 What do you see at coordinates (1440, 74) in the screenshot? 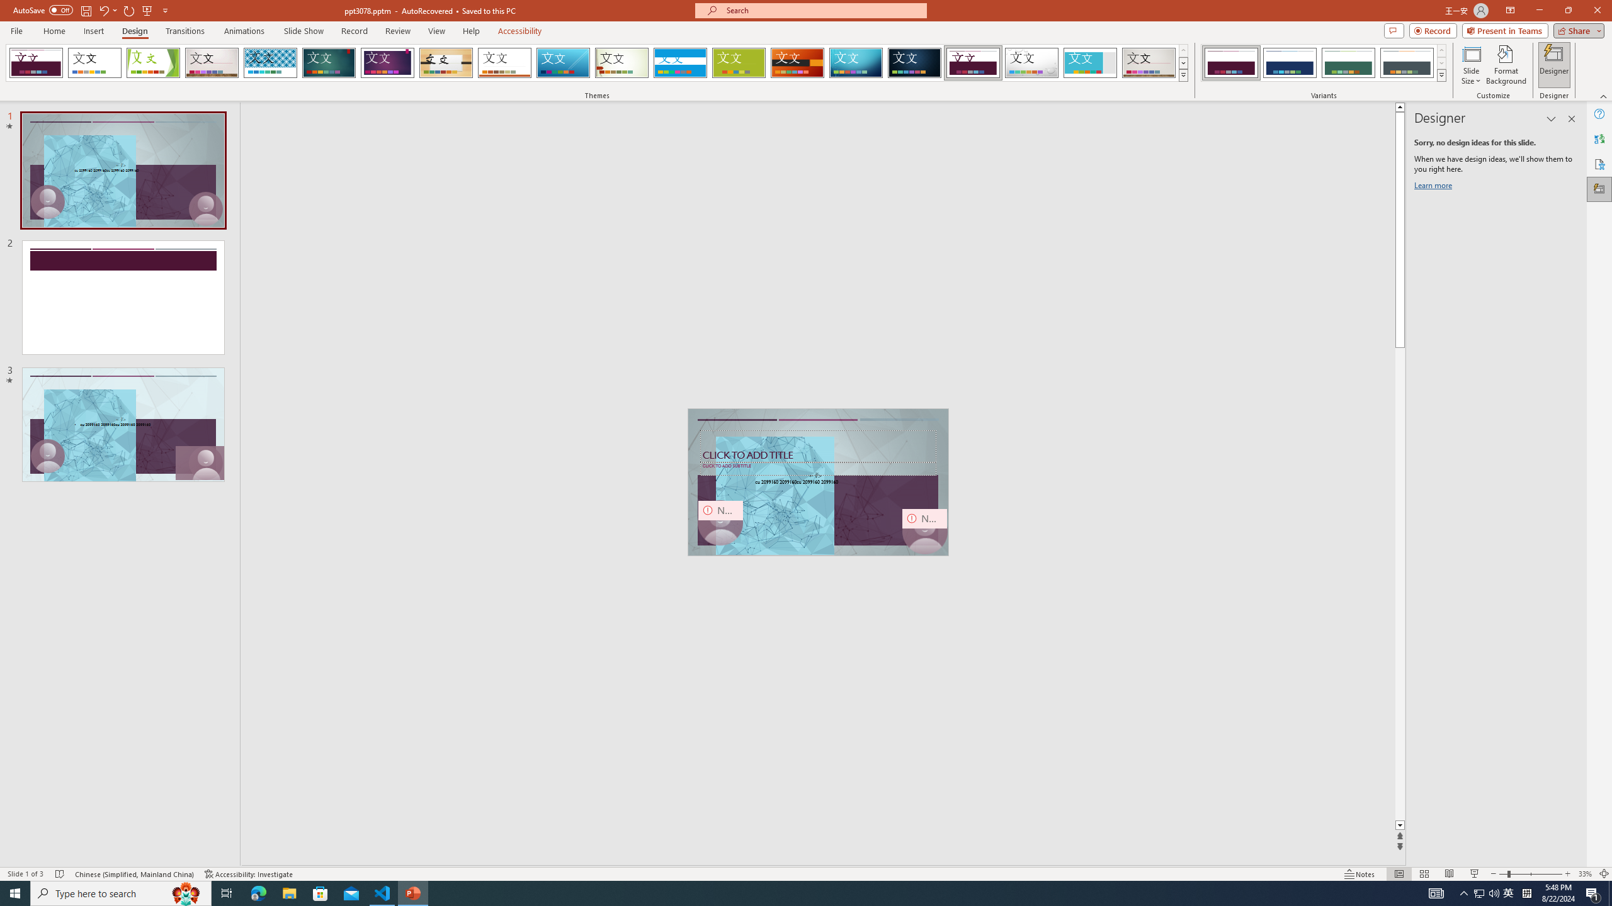
I see `'Variants'` at bounding box center [1440, 74].